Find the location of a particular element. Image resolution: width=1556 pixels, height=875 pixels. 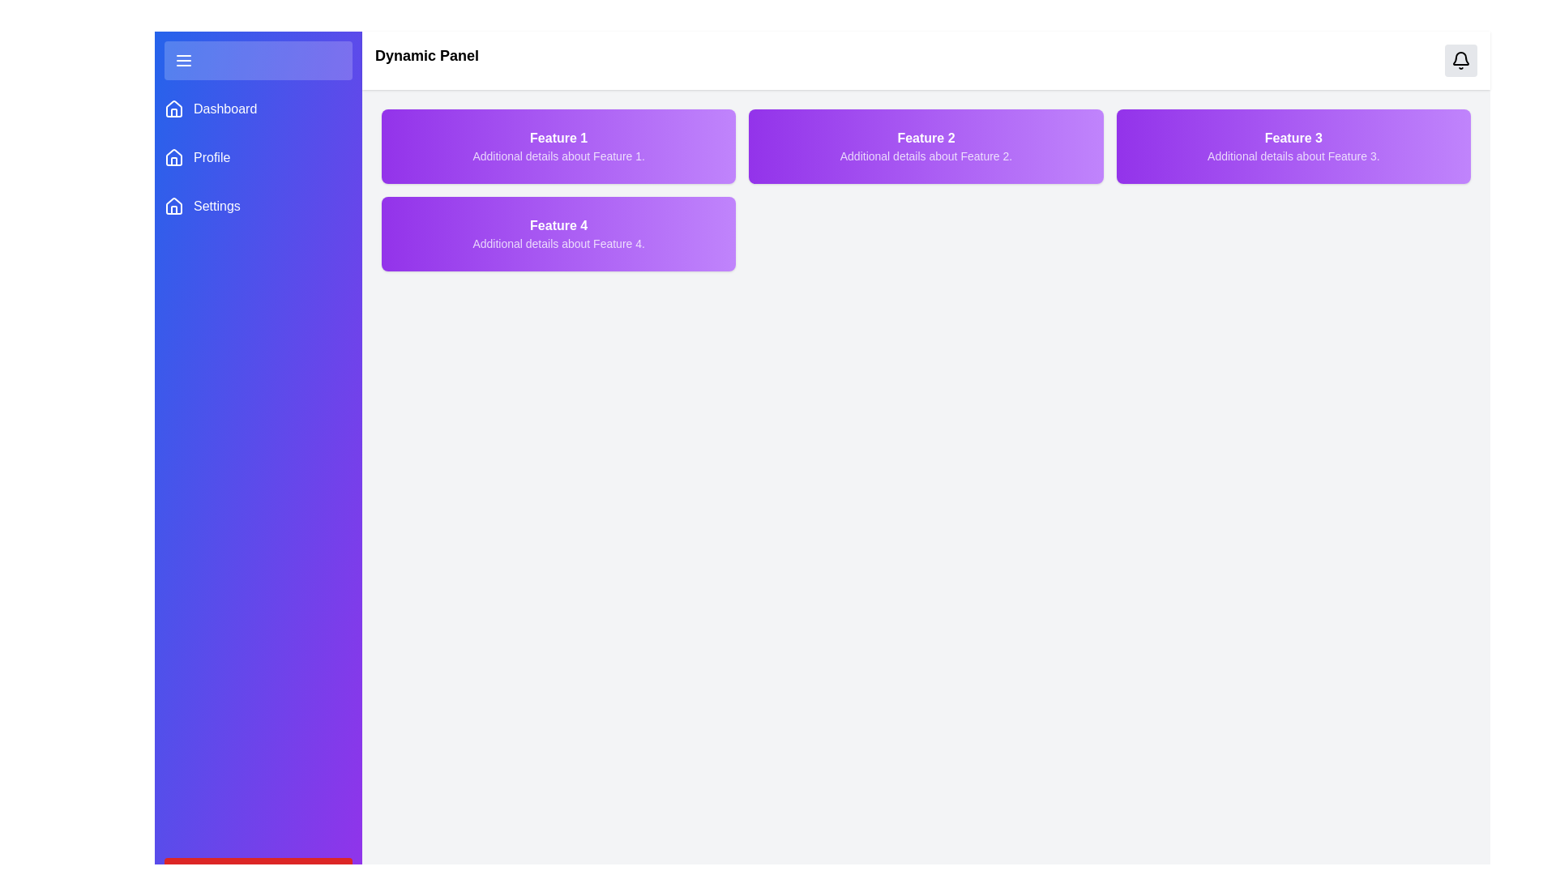

the static text label displaying 'Dynamic Panel', which is prominently styled in bold and larger font size at the top center of the interface is located at coordinates (427, 59).